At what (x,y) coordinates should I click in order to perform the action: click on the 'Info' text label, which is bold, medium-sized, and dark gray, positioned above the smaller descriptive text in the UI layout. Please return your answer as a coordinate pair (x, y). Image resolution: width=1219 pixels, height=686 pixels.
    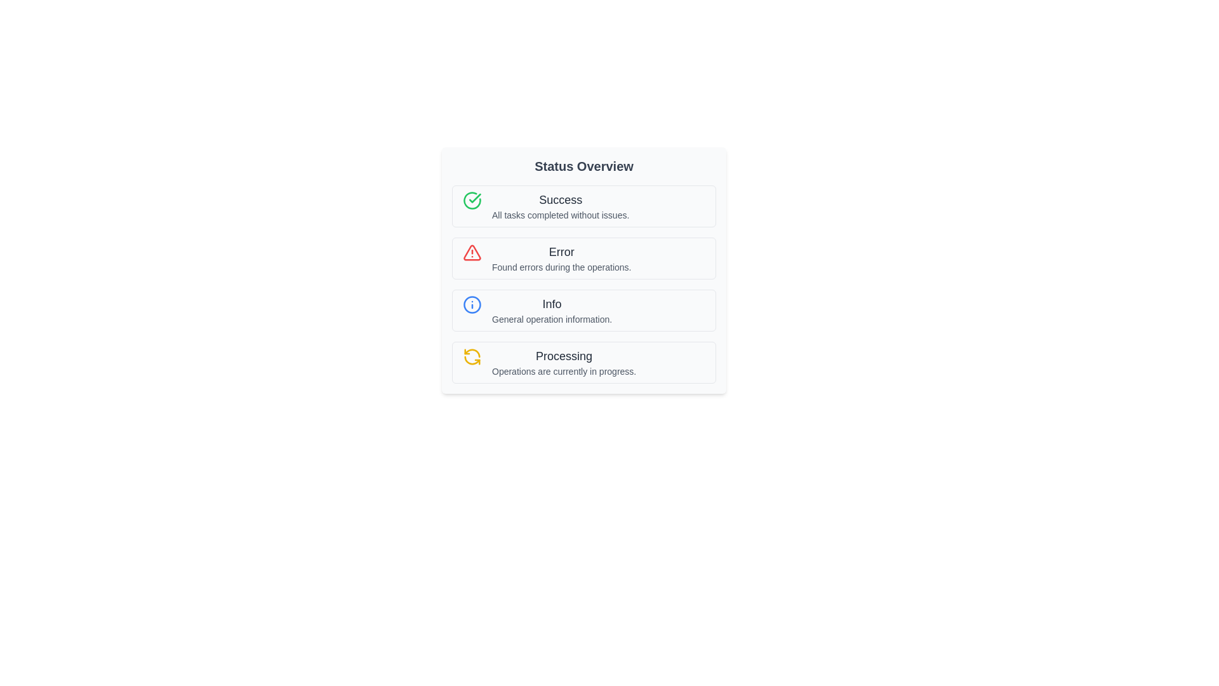
    Looking at the image, I should click on (552, 304).